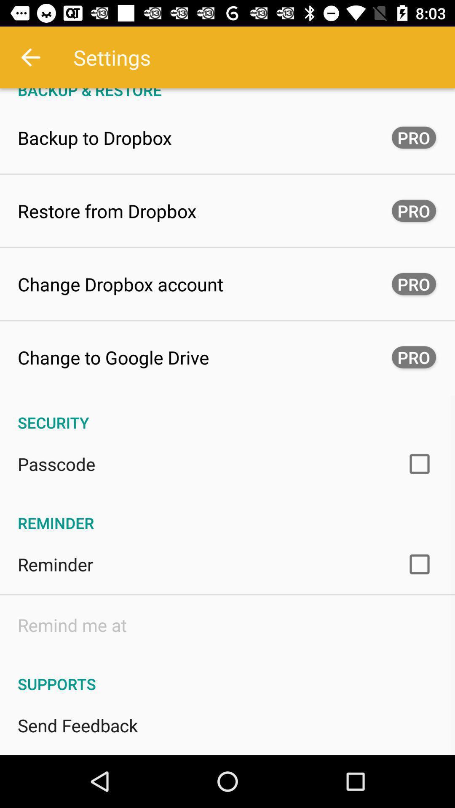  I want to click on icon above the backup & restore, so click(30, 57).